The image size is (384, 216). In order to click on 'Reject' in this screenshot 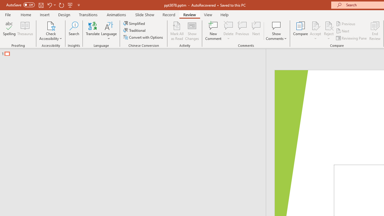, I will do `click(328, 31)`.